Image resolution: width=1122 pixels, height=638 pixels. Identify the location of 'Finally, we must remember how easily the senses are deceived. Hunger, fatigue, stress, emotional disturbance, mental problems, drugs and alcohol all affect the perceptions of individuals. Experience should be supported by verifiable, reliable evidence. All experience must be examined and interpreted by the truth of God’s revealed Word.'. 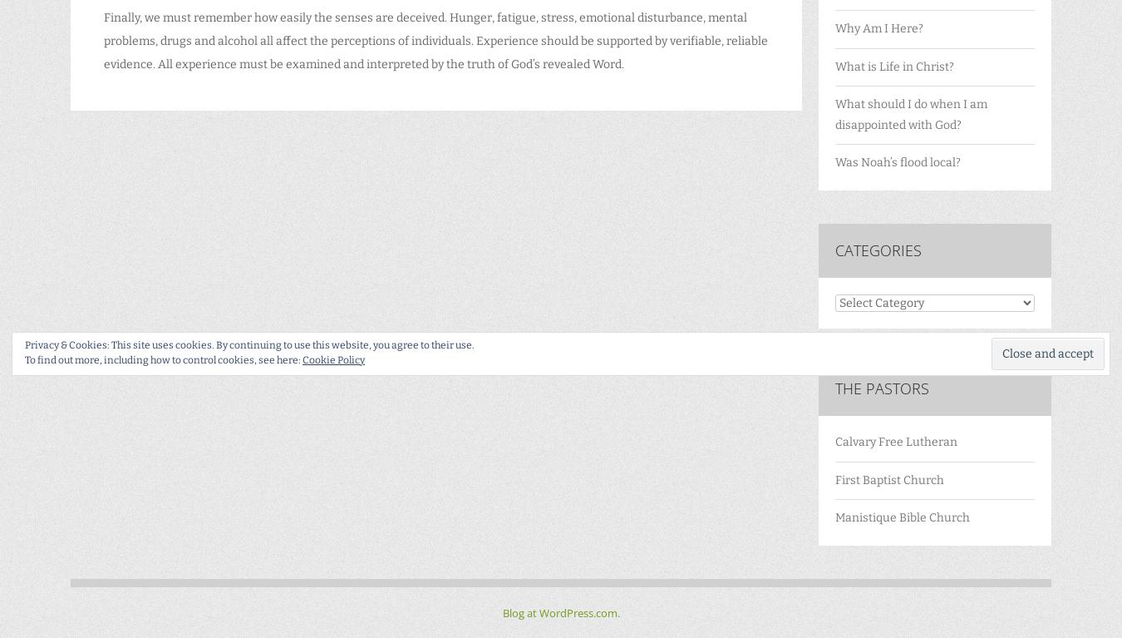
(104, 41).